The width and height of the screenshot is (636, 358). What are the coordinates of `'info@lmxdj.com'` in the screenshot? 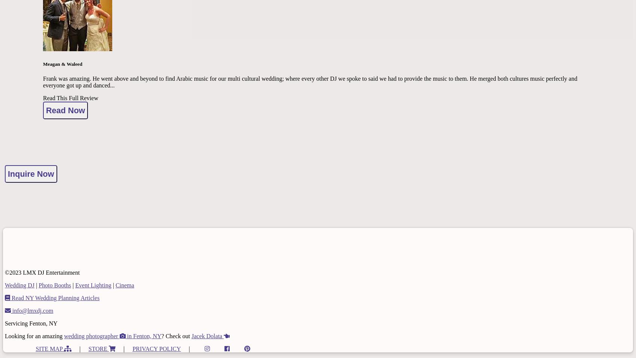 It's located at (11, 310).